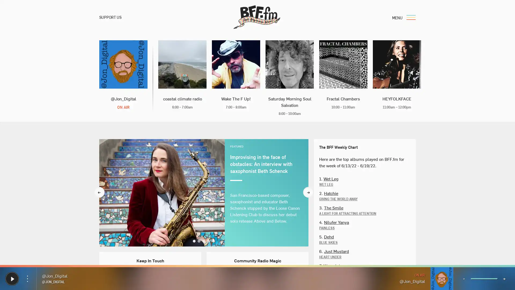 This screenshot has height=290, width=515. I want to click on Search, so click(311, 188).